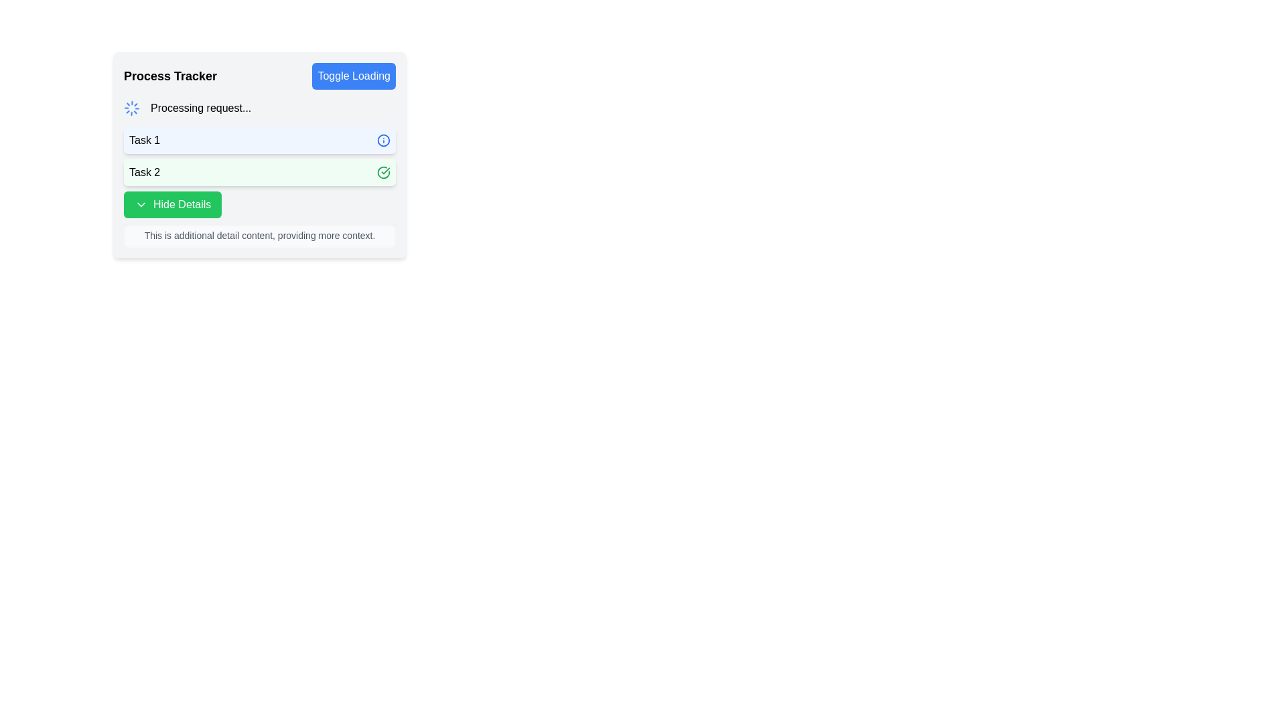 This screenshot has height=723, width=1286. I want to click on the blue circular loading spinner icon with a dotted design, located to the left of the text 'Processing request...' in the 'Process Tracker' section, so click(131, 108).